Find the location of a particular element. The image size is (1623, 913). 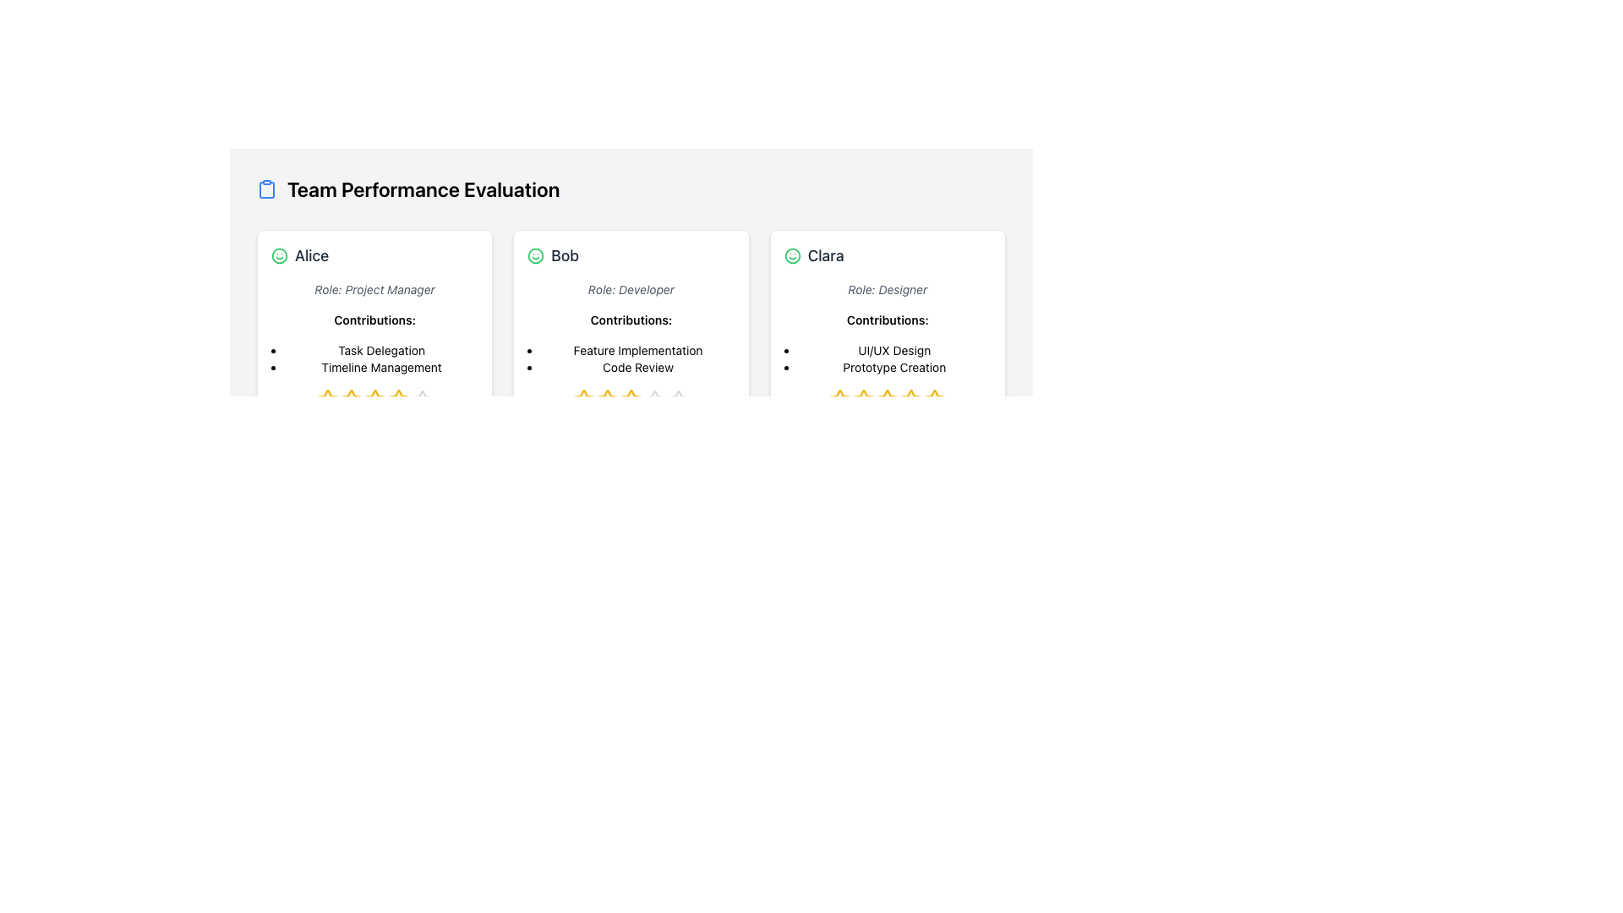

the second star-shaped icon in the rating bar under the 'Alice' section of the 'Team Performance Evaluation' interface is located at coordinates (374, 399).